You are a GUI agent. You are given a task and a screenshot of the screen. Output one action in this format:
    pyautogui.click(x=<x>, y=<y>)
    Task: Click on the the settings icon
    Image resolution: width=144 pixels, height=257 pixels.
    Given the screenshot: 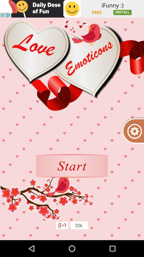 What is the action you would take?
    pyautogui.click(x=133, y=139)
    